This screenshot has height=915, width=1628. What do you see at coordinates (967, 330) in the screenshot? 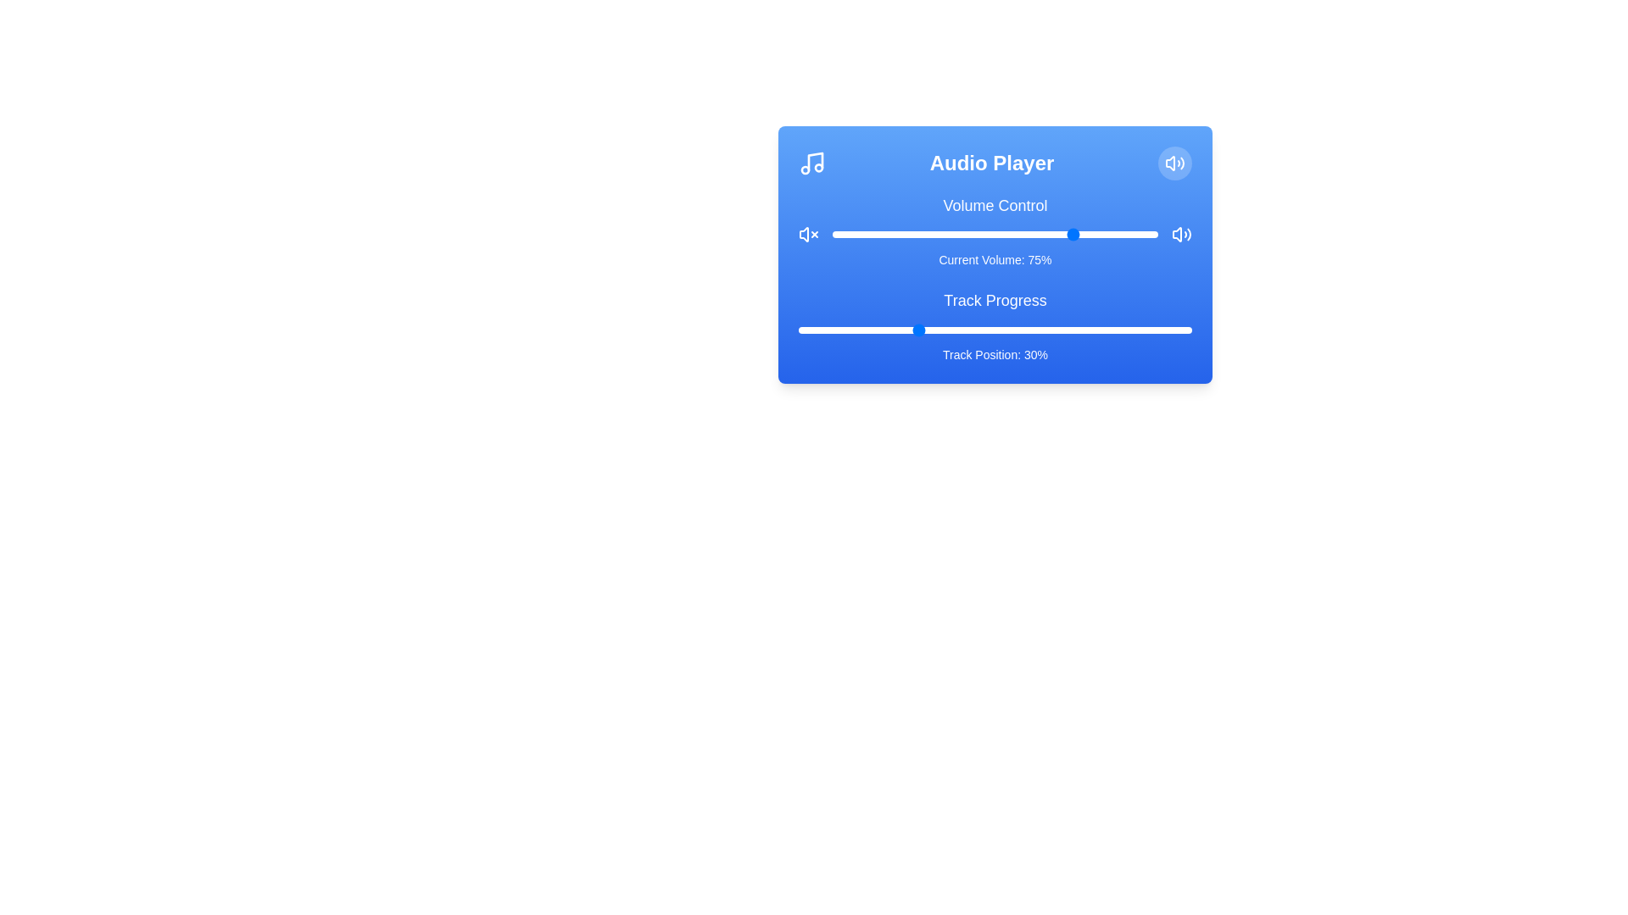
I see `the track position` at bounding box center [967, 330].